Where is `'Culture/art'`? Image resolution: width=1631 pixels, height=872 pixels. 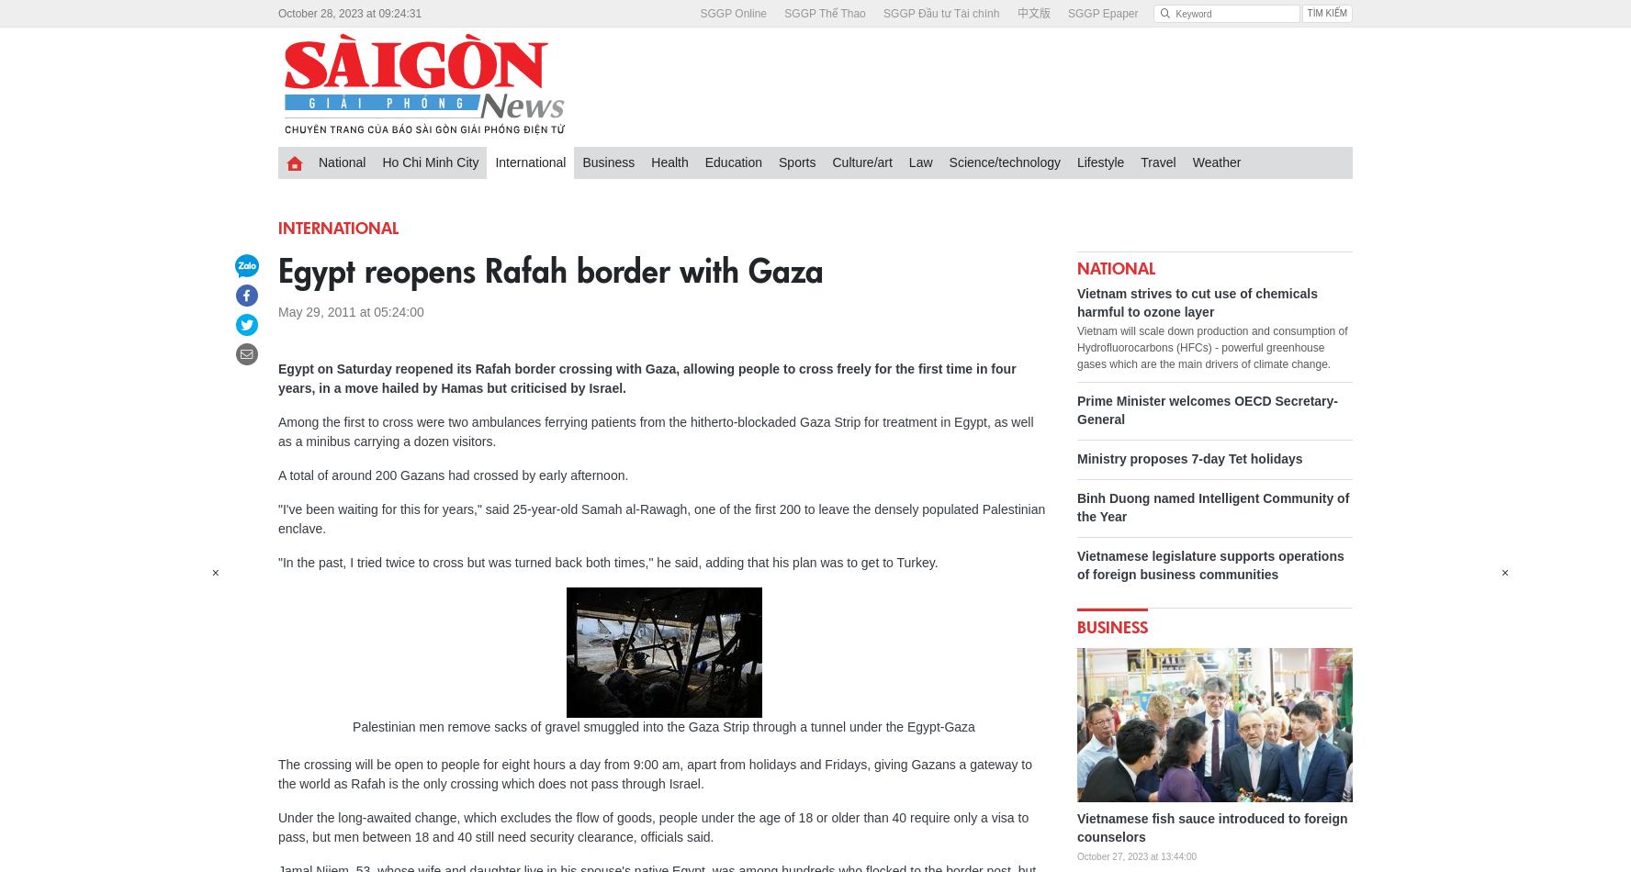 'Culture/art' is located at coordinates (830, 162).